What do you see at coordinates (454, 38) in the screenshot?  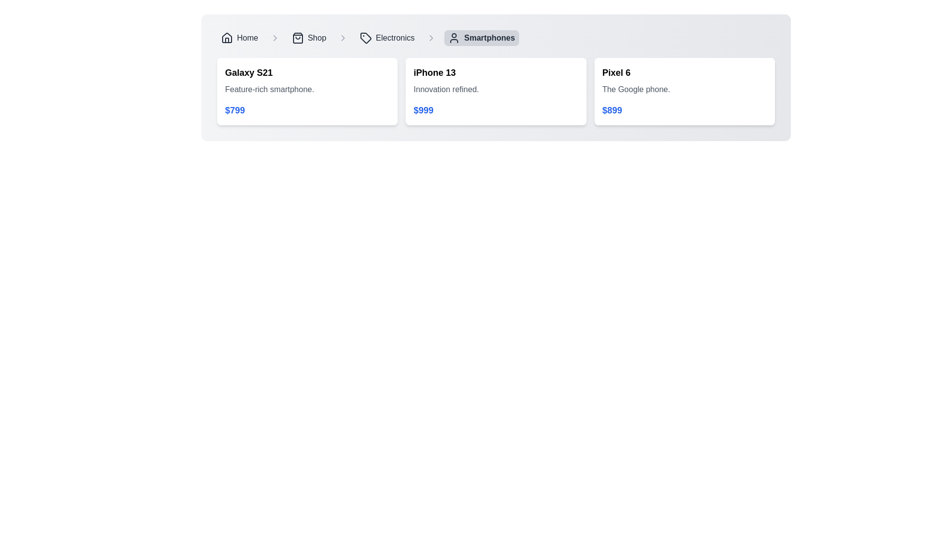 I see `the user profile icon, which is a minimalist outline depiction of a user's head and shoulders, located to the left of the 'Smartphones' label in the navigation breadcrumb interface` at bounding box center [454, 38].